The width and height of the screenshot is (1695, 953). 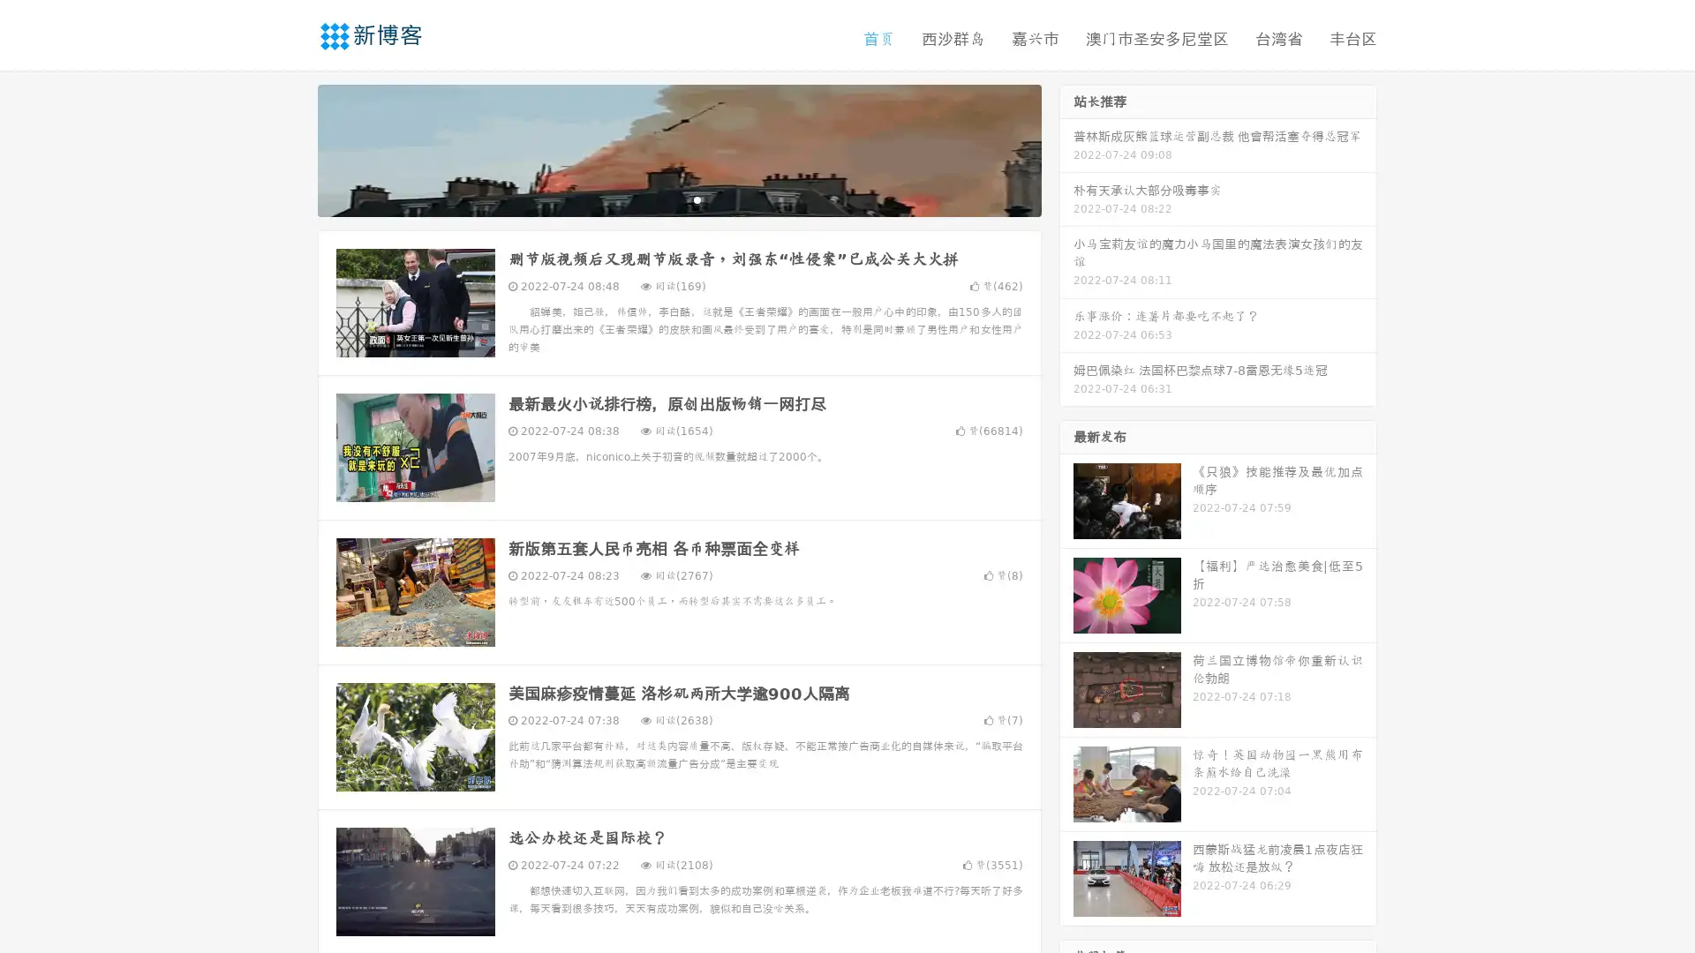 I want to click on Go to slide 2, so click(x=678, y=199).